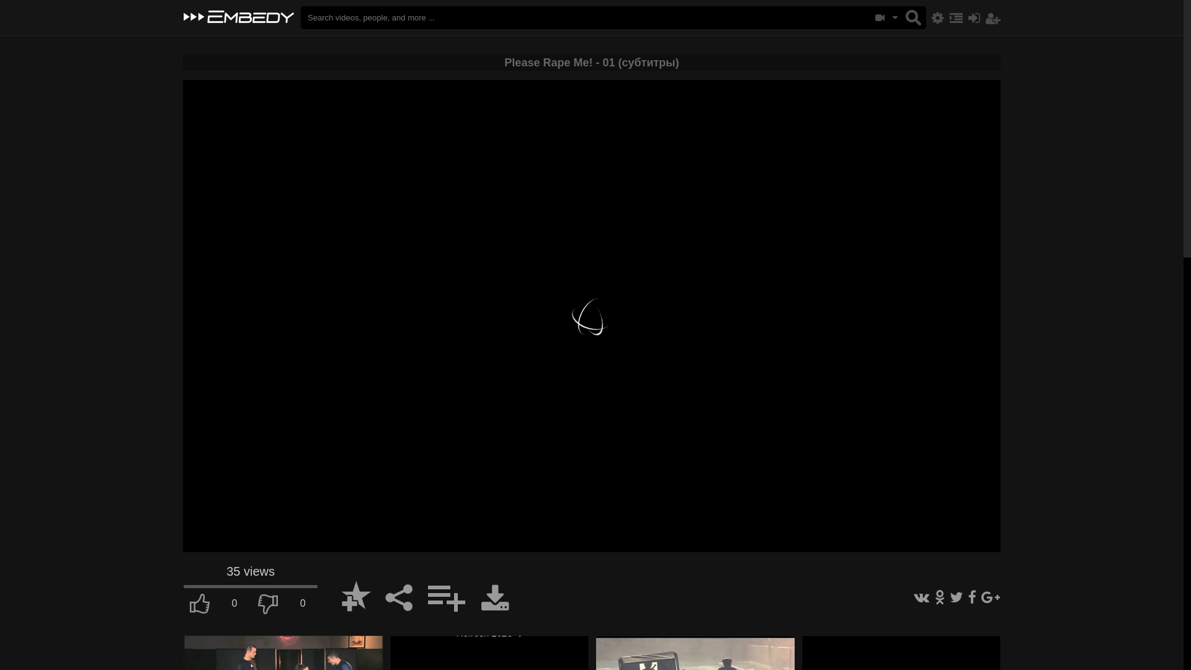  I want to click on 'Fast Registration', so click(993, 18).